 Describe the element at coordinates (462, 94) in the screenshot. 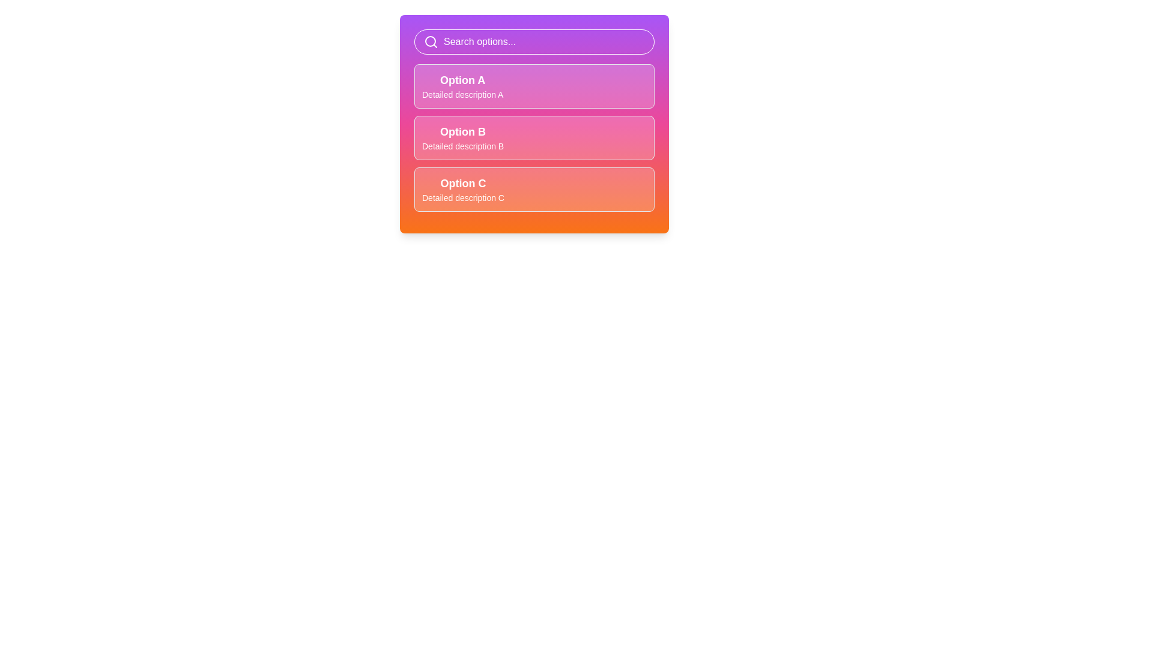

I see `the descriptive text label for 'Option A', which is located directly below the title 'Option A' within the first option card` at that location.